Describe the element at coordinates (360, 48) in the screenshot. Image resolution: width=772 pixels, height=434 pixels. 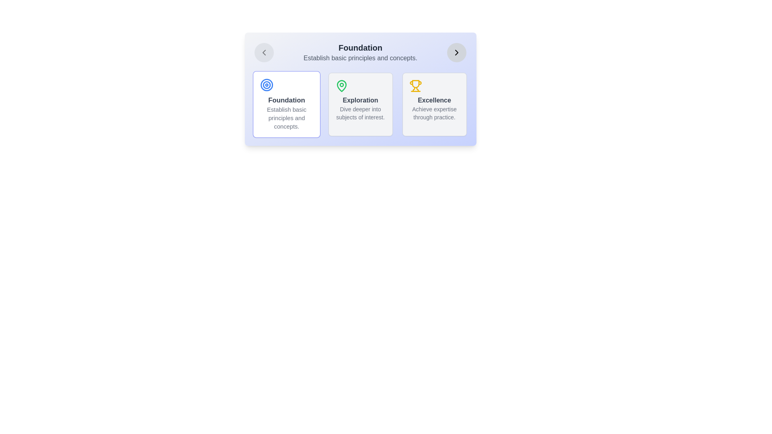
I see `the bold header text labeled 'Foundation', which is styled in dark gray and centrally aligned at the top of its section` at that location.